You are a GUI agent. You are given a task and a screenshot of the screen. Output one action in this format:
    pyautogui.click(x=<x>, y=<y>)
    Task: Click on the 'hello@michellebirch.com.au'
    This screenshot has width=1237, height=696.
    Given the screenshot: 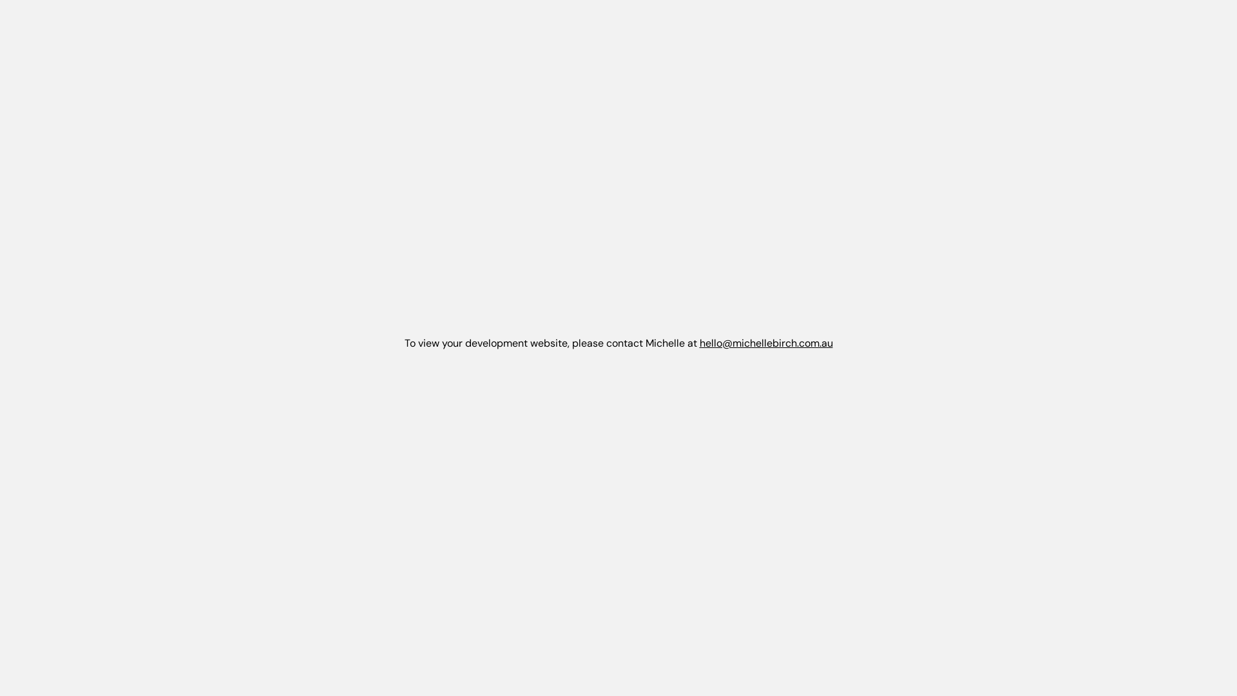 What is the action you would take?
    pyautogui.click(x=766, y=342)
    